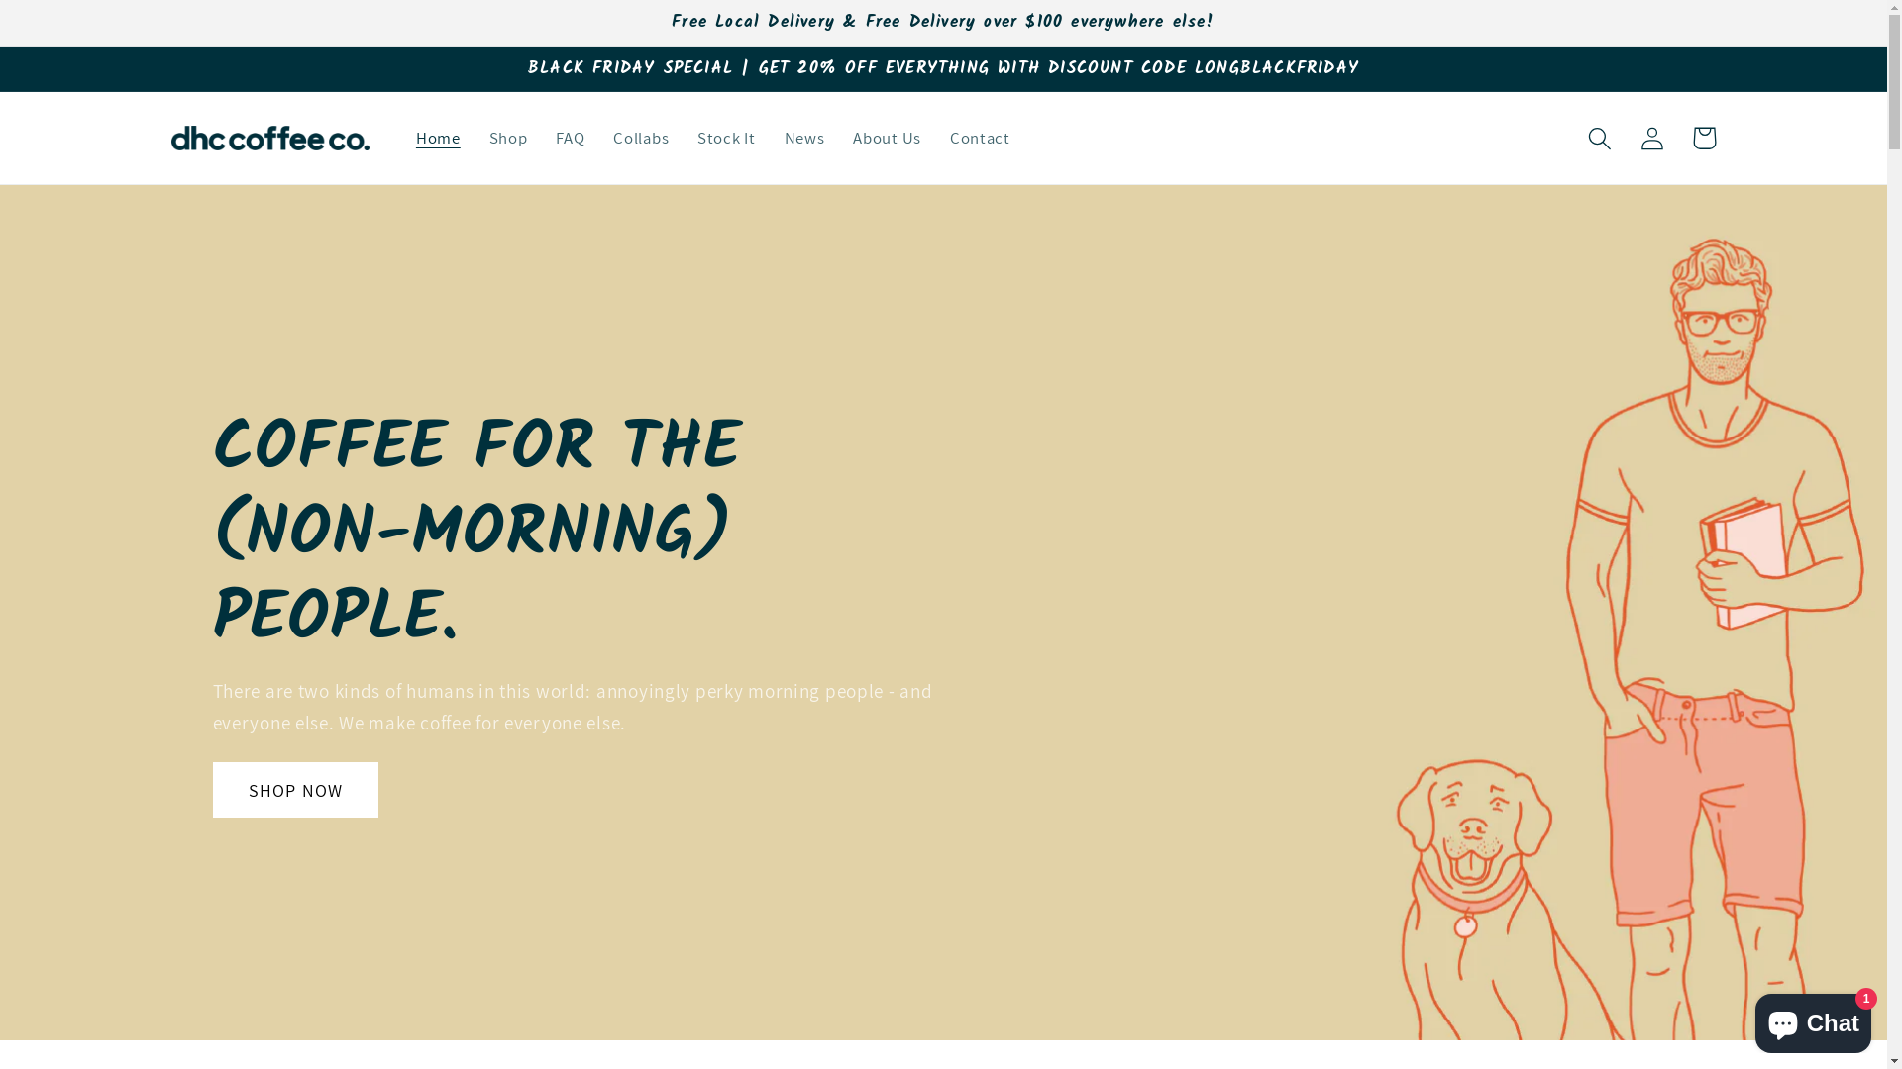  What do you see at coordinates (293, 789) in the screenshot?
I see `'SHOP NOW'` at bounding box center [293, 789].